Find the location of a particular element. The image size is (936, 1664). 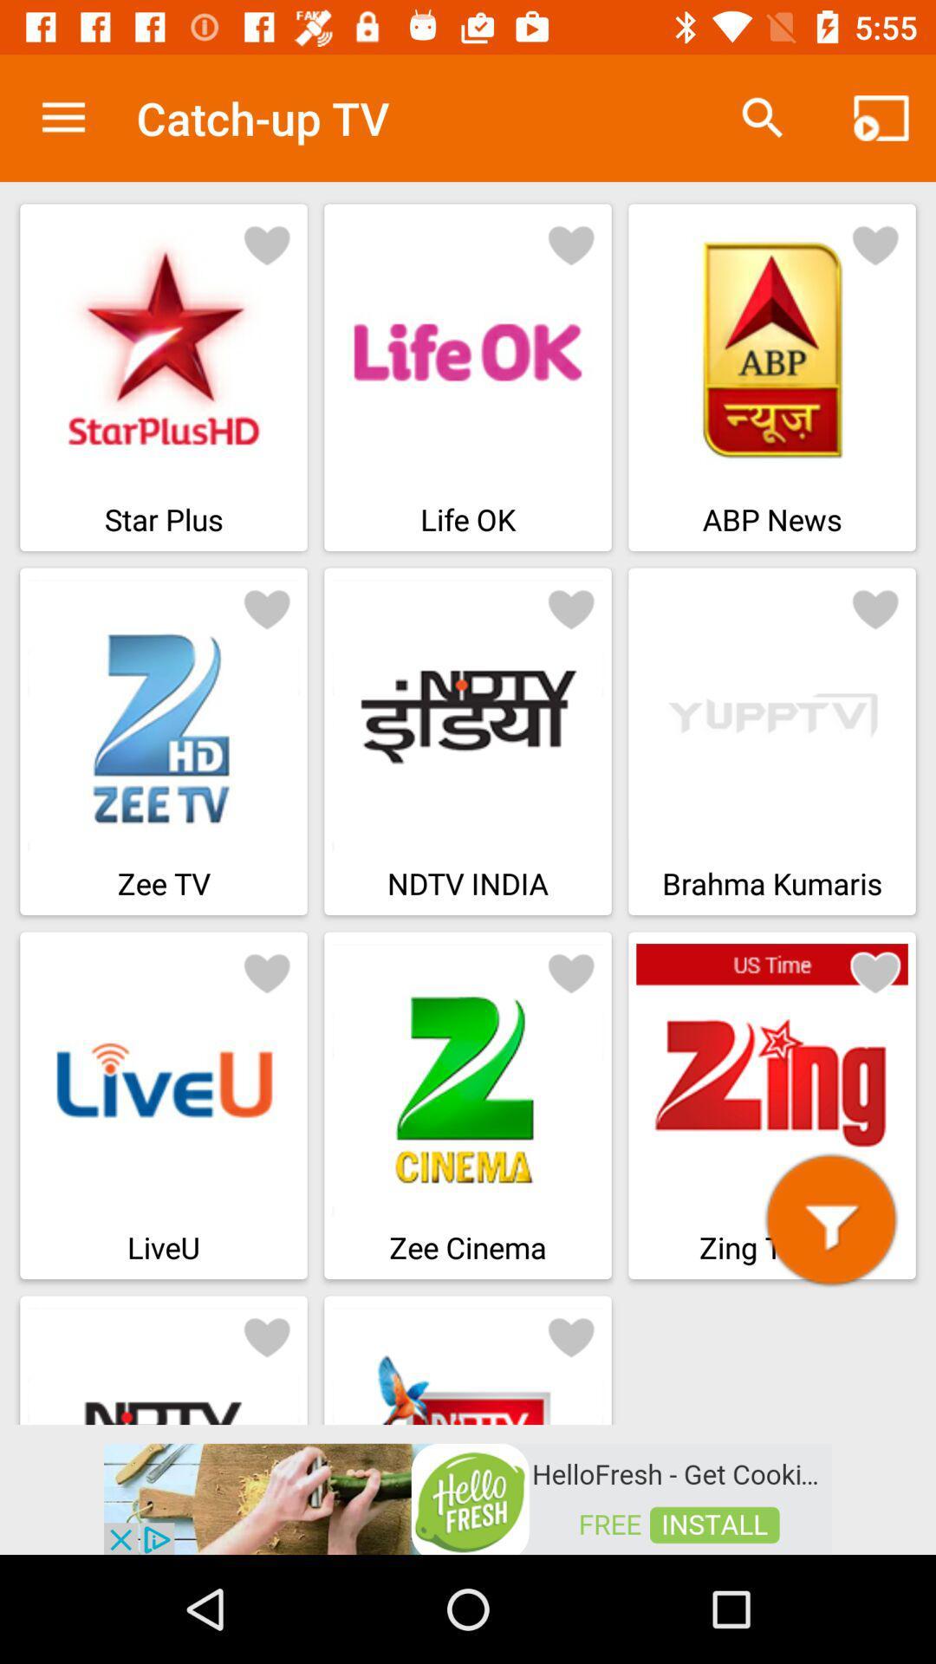

mark as favorite is located at coordinates (267, 972).